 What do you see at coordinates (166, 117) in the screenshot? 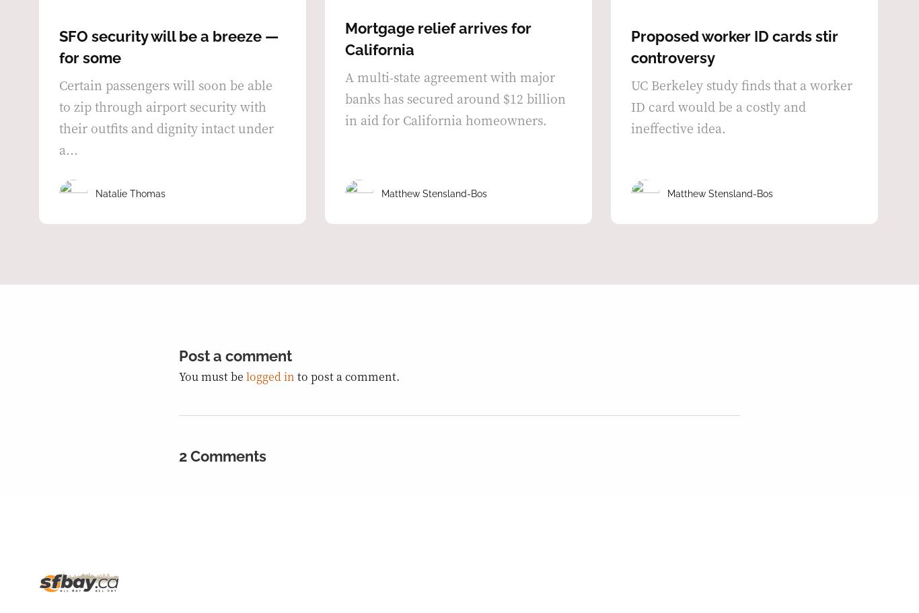
I see `'Certain passengers will soon be able to zip through airport security with their outfits and dignity intact under a...'` at bounding box center [166, 117].